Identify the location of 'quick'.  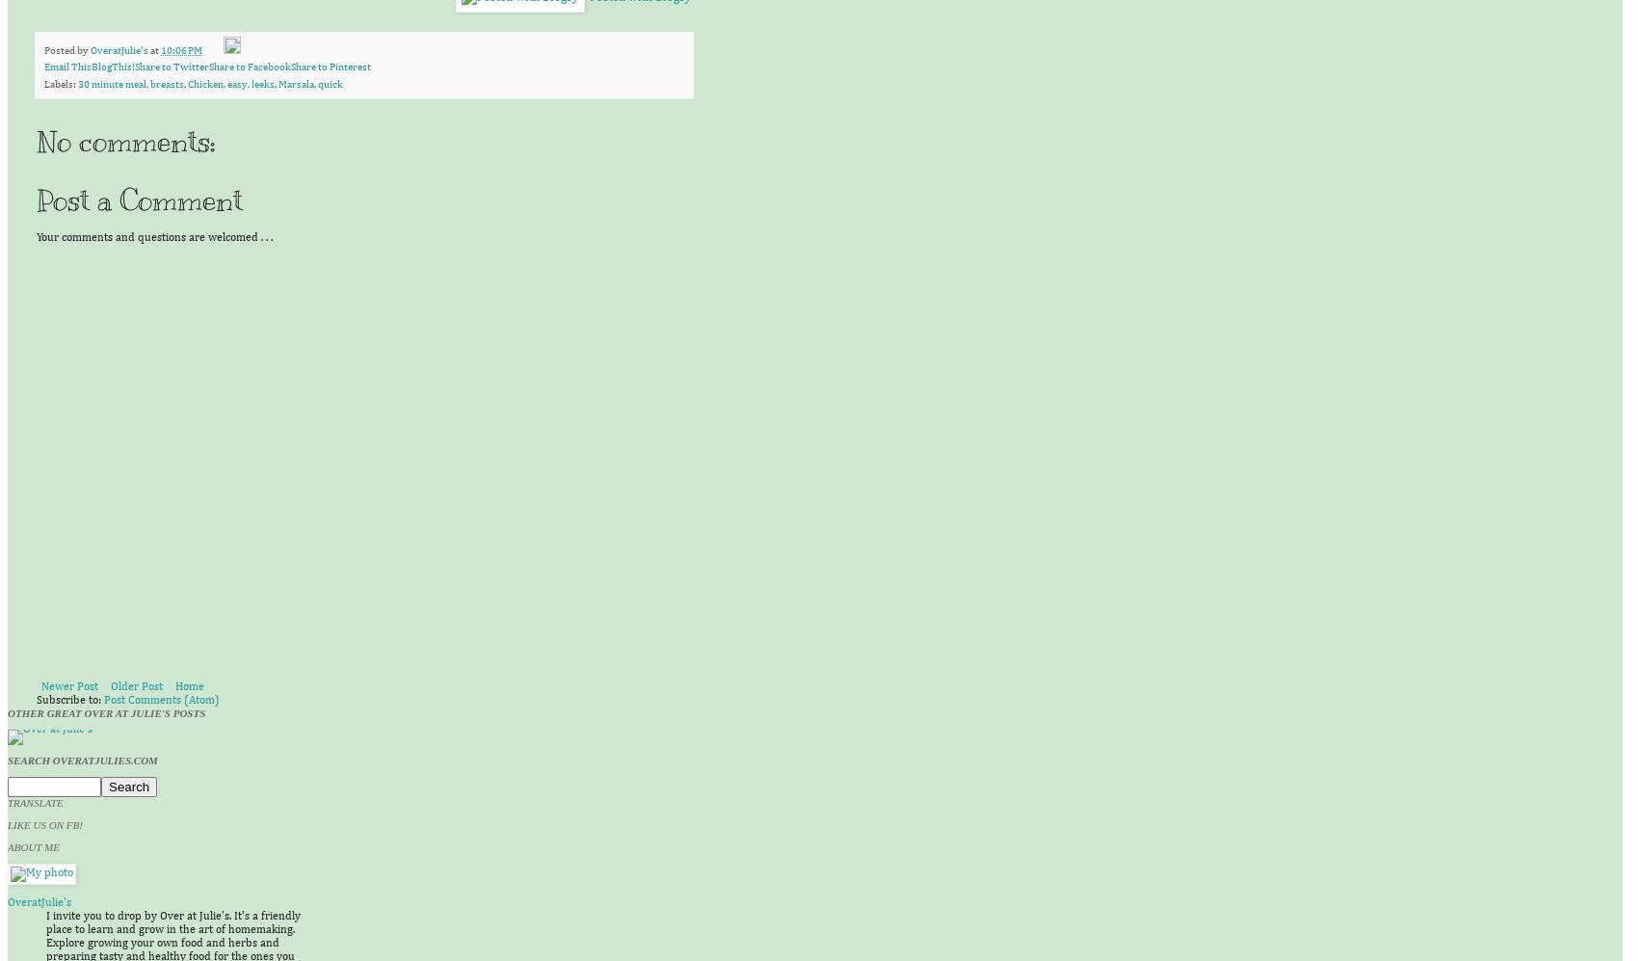
(330, 83).